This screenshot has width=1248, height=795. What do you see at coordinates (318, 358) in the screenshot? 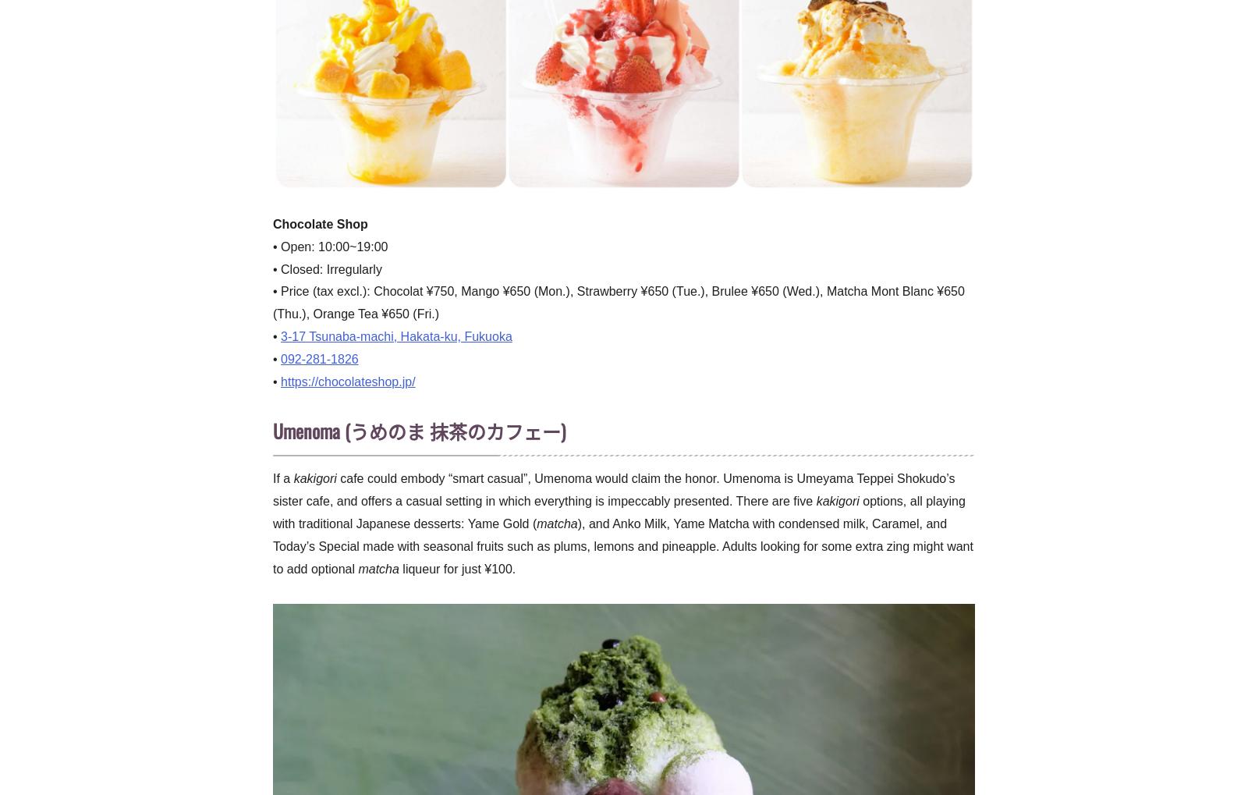
I see `'092-281-1826'` at bounding box center [318, 358].